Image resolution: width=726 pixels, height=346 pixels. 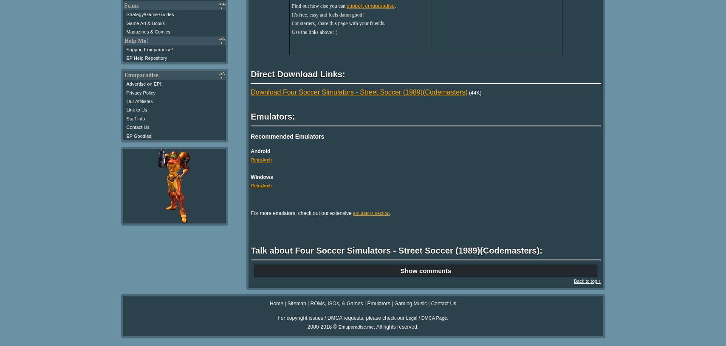 I want to click on 'Game Art & Books', so click(x=144, y=22).